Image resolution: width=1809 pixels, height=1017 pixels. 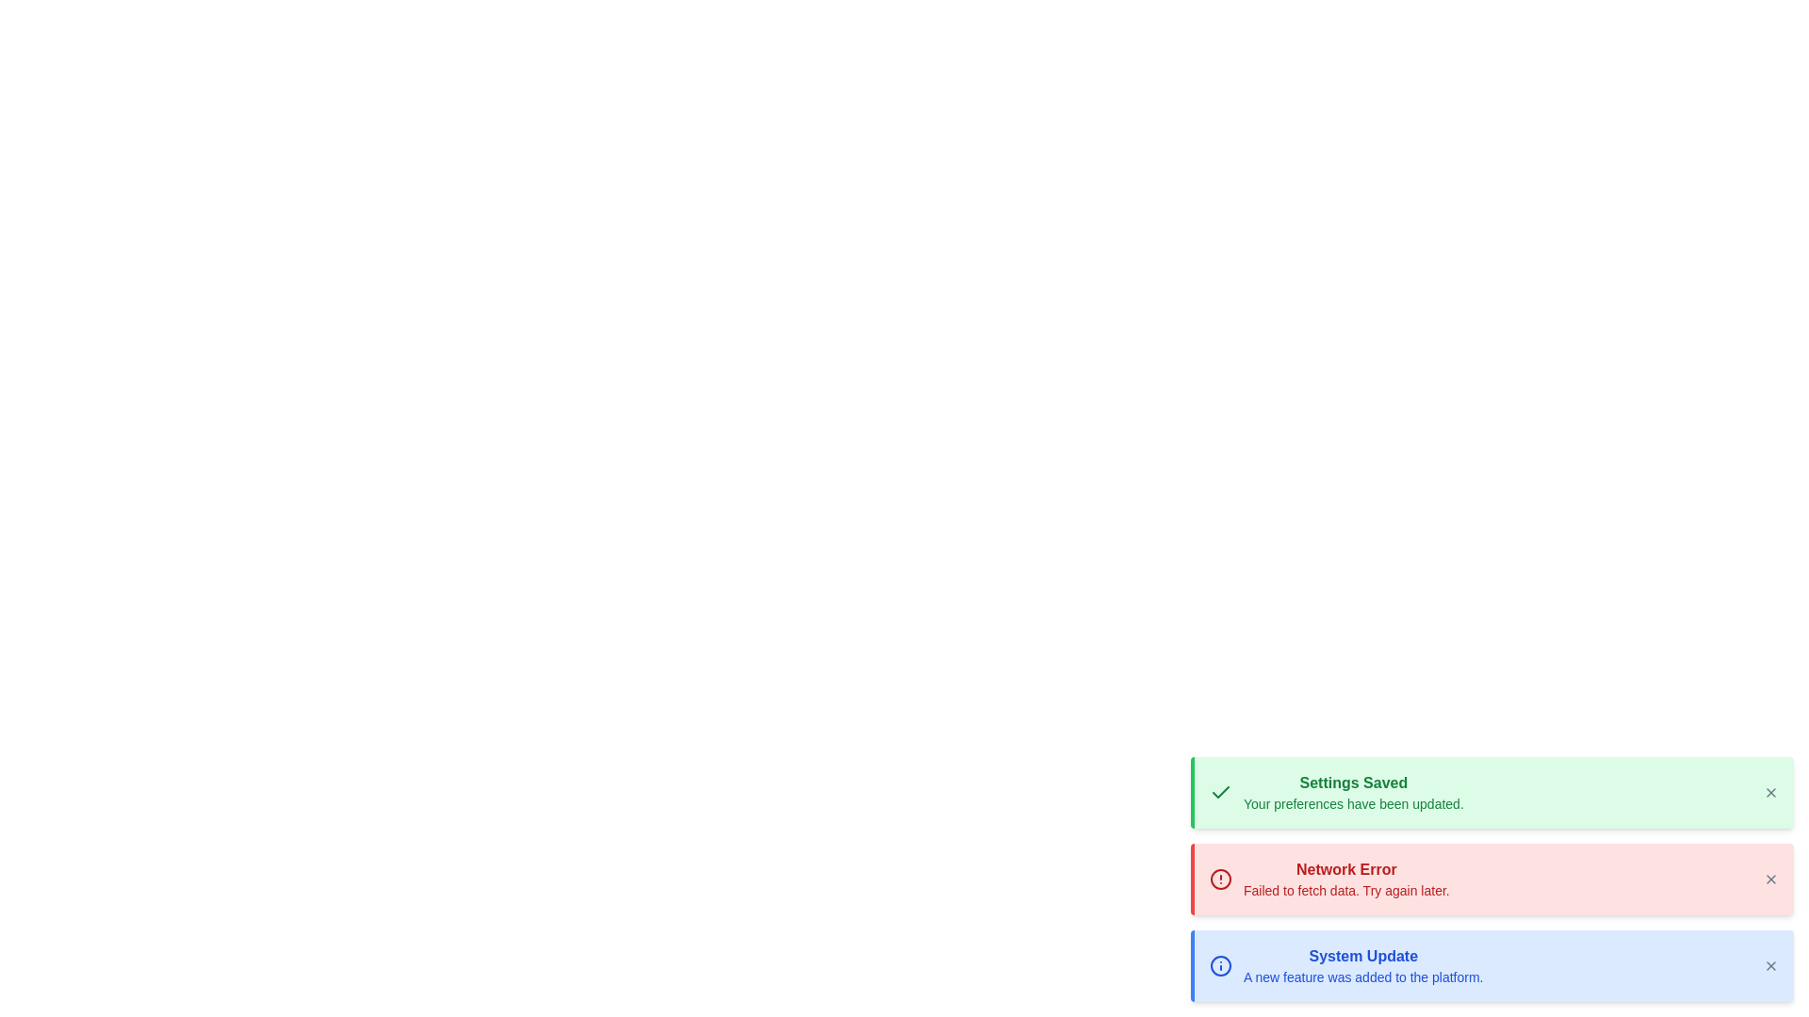 What do you see at coordinates (1491, 879) in the screenshot?
I see `information displayed on the network error notification card located at the bottom-right corner of the interface` at bounding box center [1491, 879].